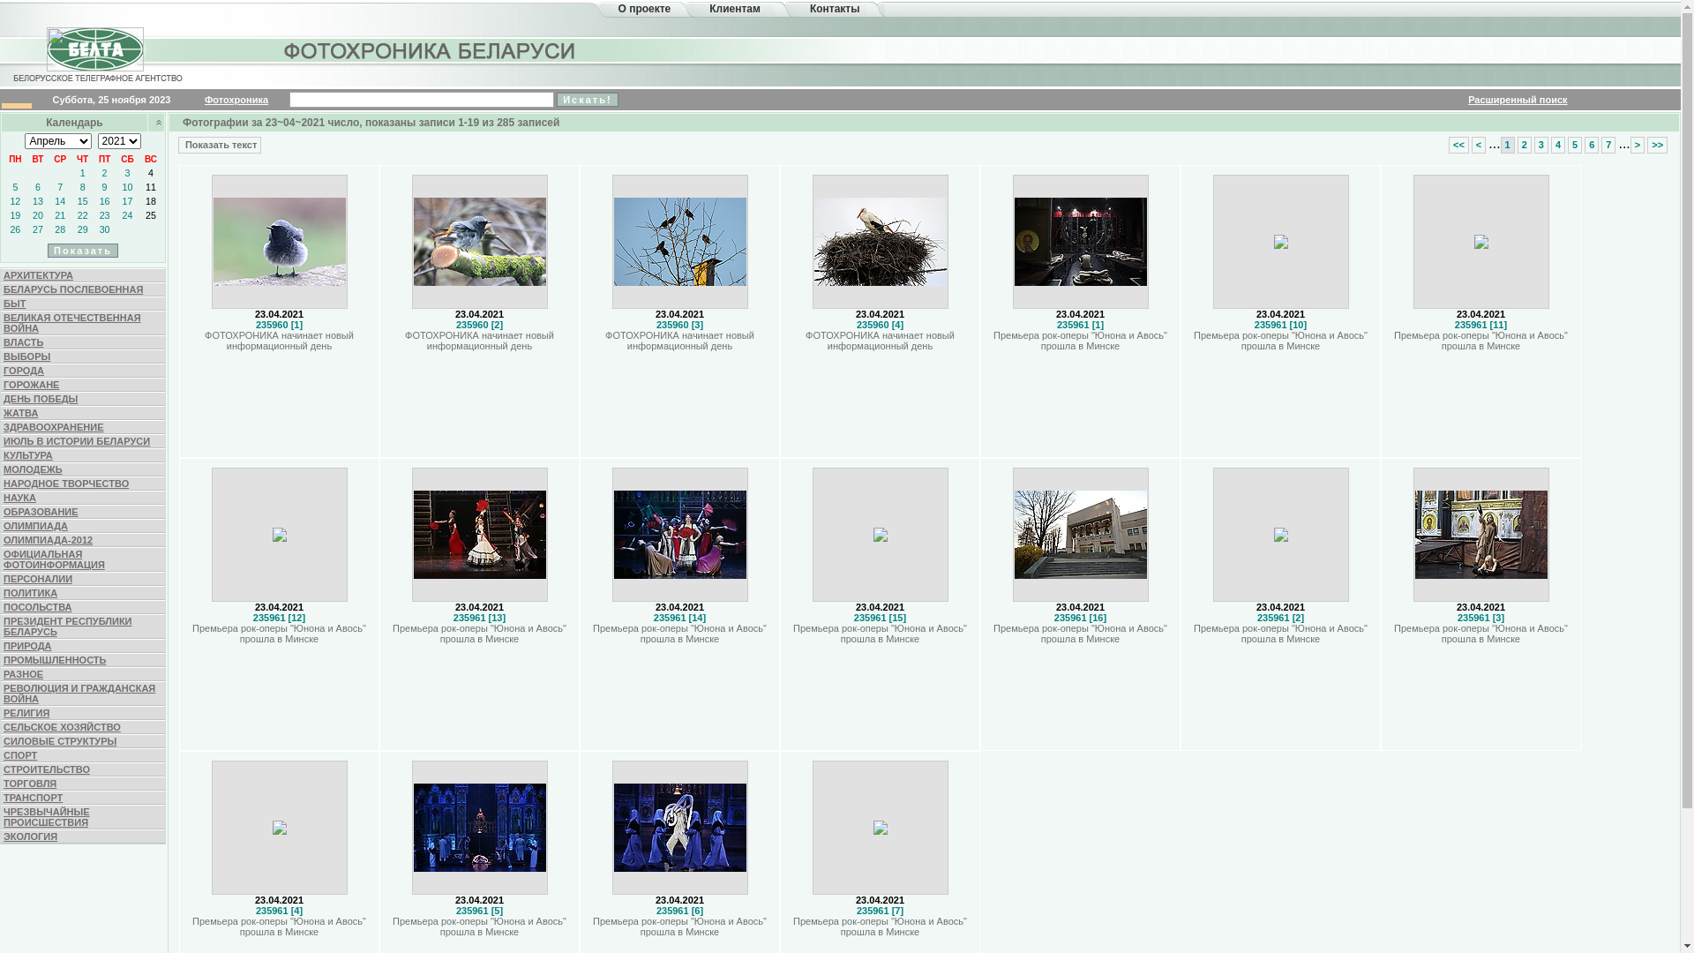 The height and width of the screenshot is (953, 1694). I want to click on '10', so click(126, 187).